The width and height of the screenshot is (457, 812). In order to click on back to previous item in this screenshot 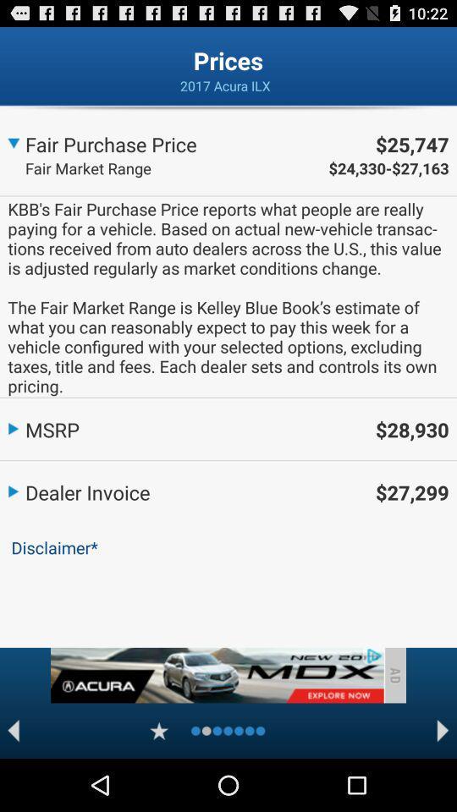, I will do `click(13, 730)`.